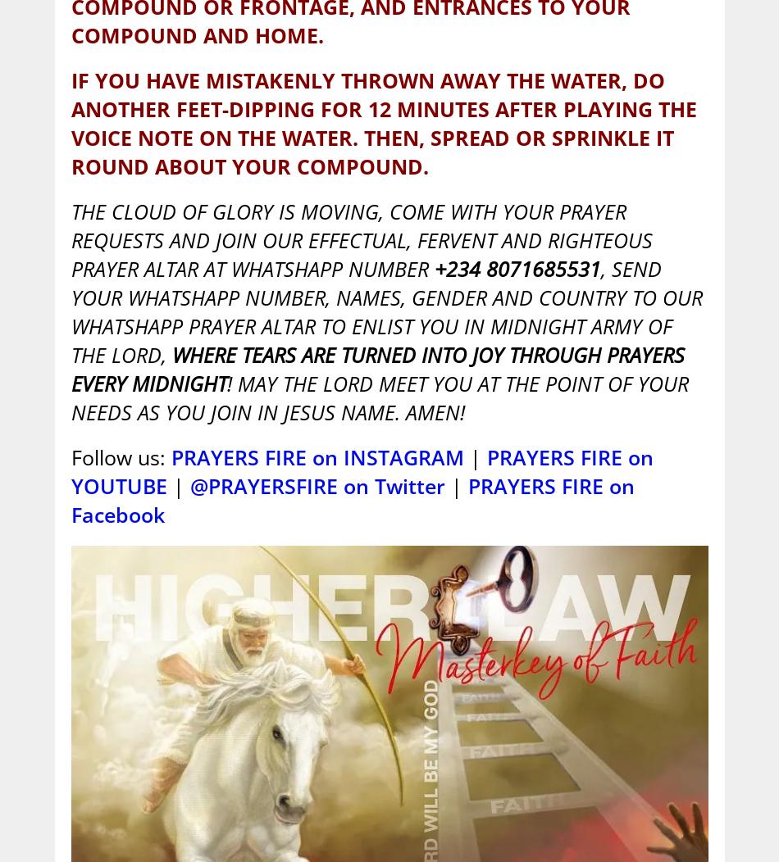  Describe the element at coordinates (316, 456) in the screenshot. I see `'PRAYERS FIRE on INSTAGRAM'` at that location.